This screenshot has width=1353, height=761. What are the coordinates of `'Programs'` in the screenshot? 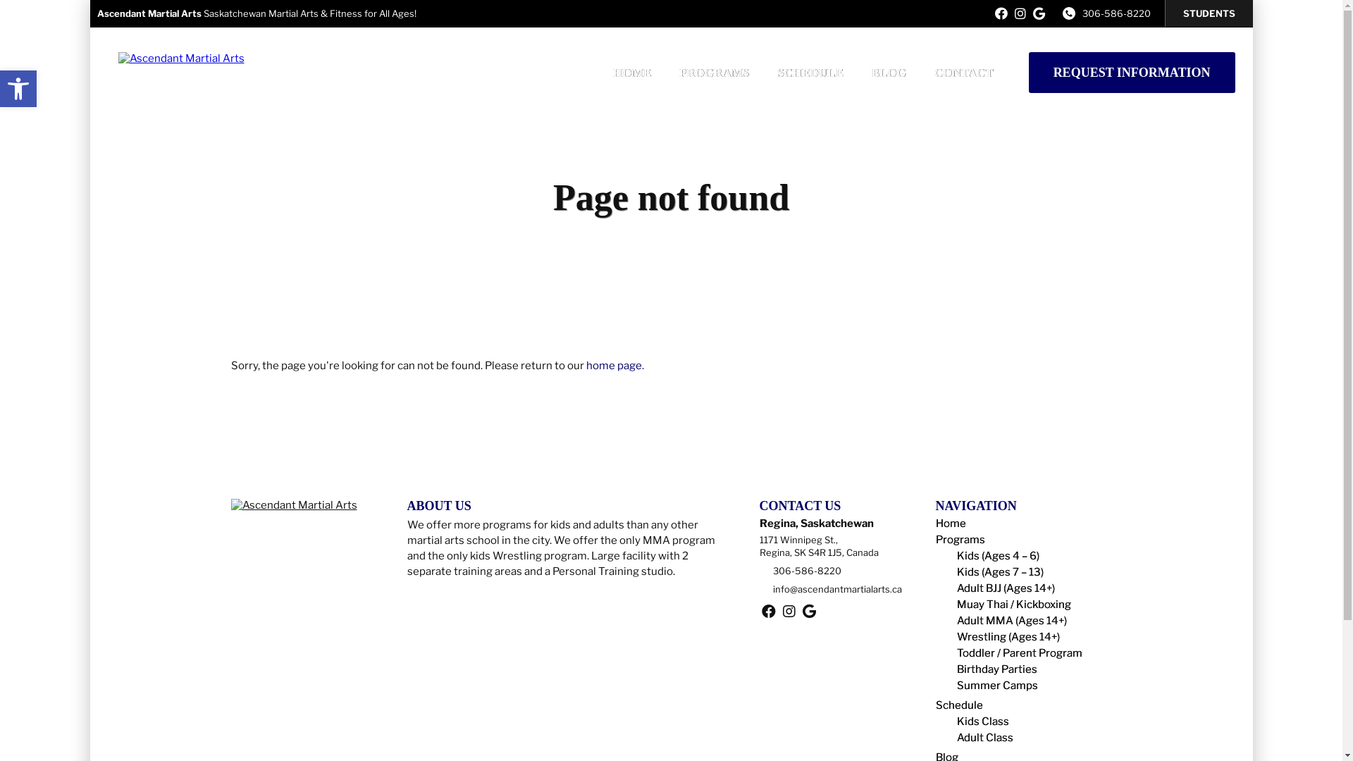 It's located at (960, 539).